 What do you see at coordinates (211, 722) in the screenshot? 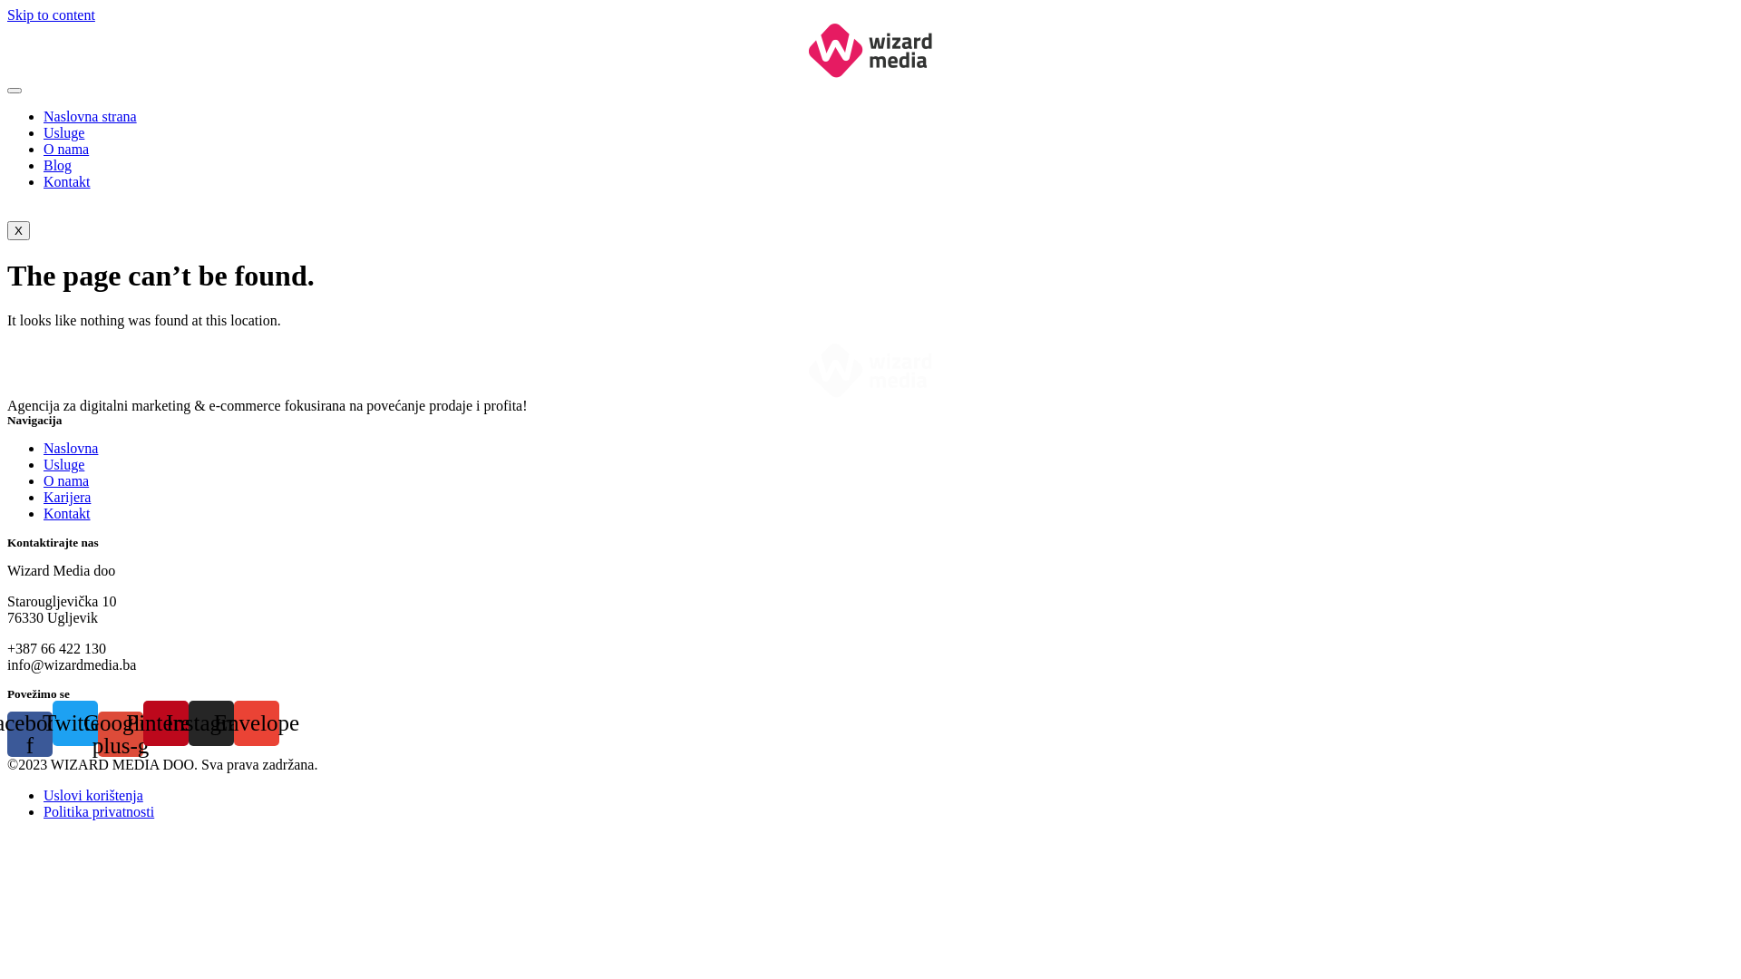
I see `'Instagram'` at bounding box center [211, 722].